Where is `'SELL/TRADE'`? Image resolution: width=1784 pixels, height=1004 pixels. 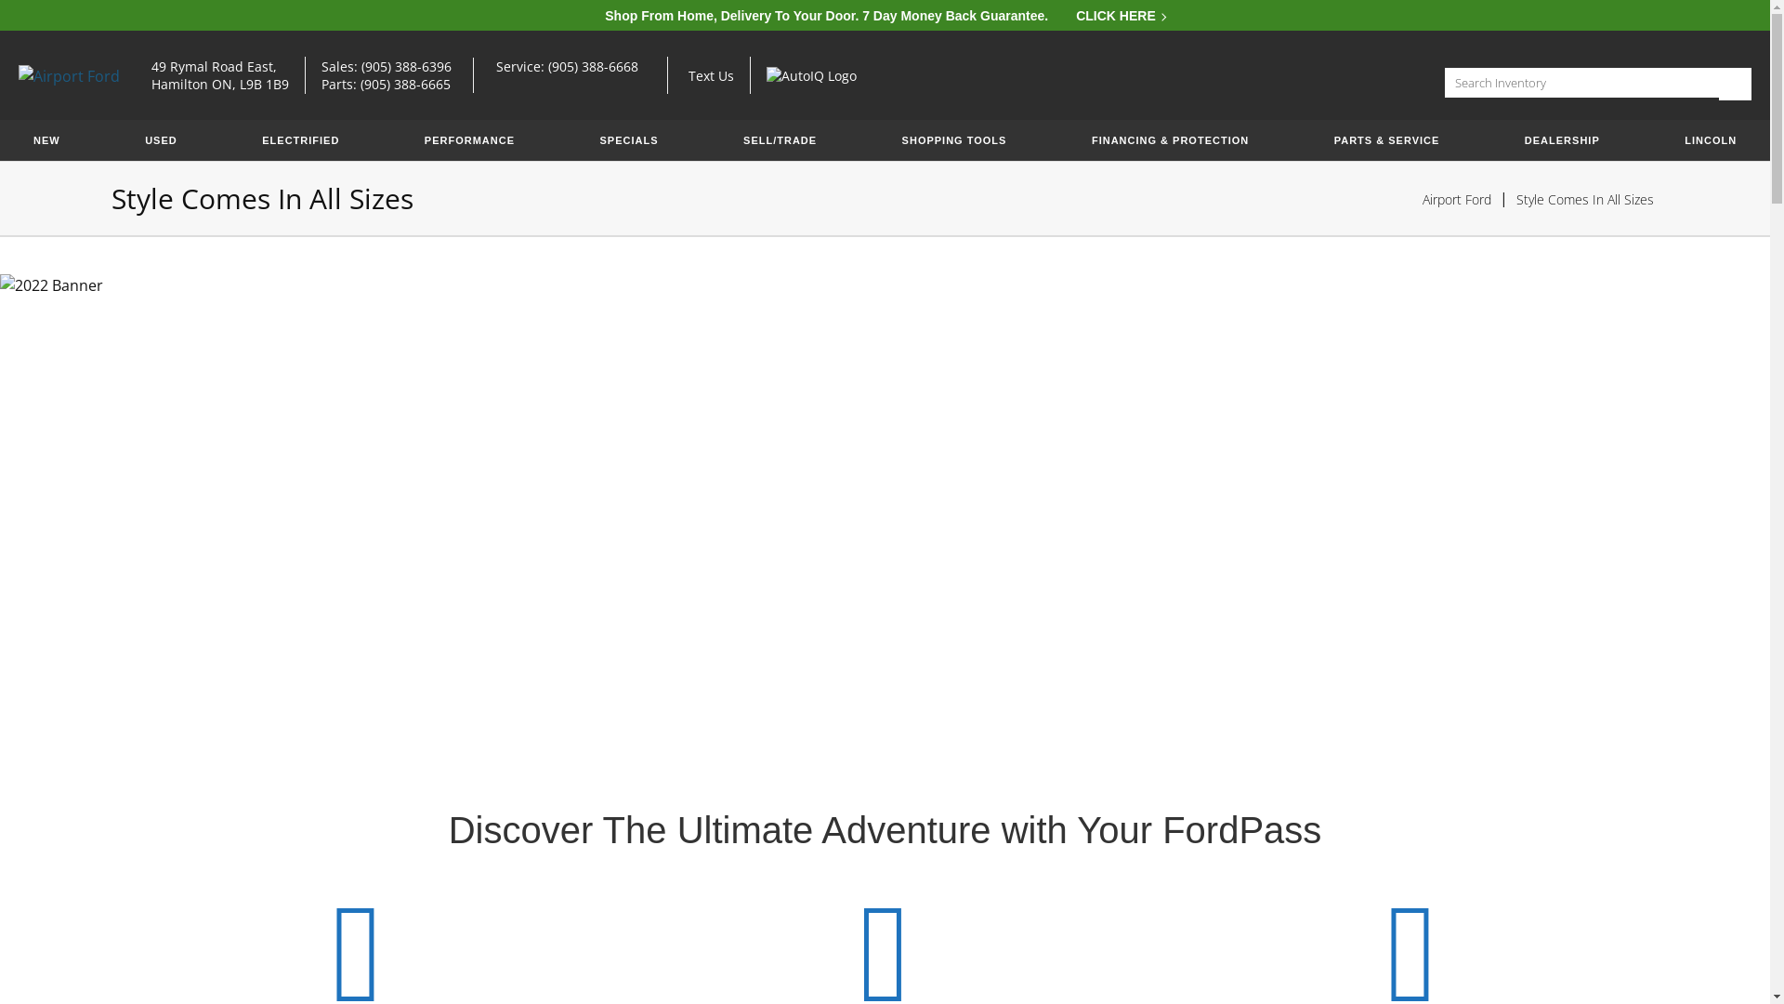
'SELL/TRADE' is located at coordinates (727, 139).